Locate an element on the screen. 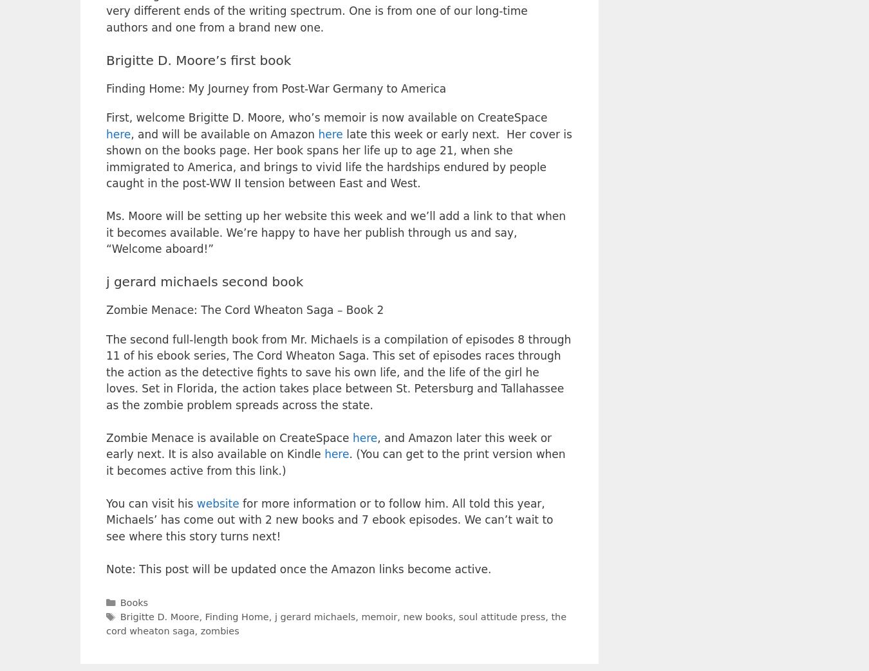  ', and Amazon later this week or early next. It is also available on Kindle' is located at coordinates (106, 445).